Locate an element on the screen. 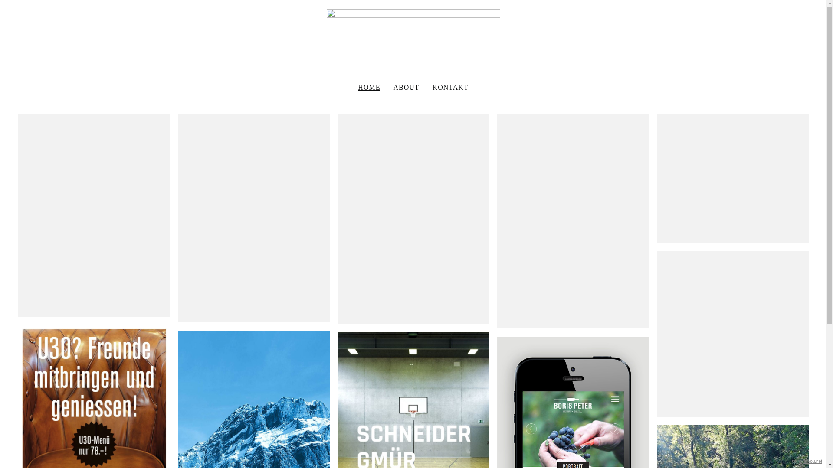 The height and width of the screenshot is (468, 833). 'allyou.net' is located at coordinates (812, 461).